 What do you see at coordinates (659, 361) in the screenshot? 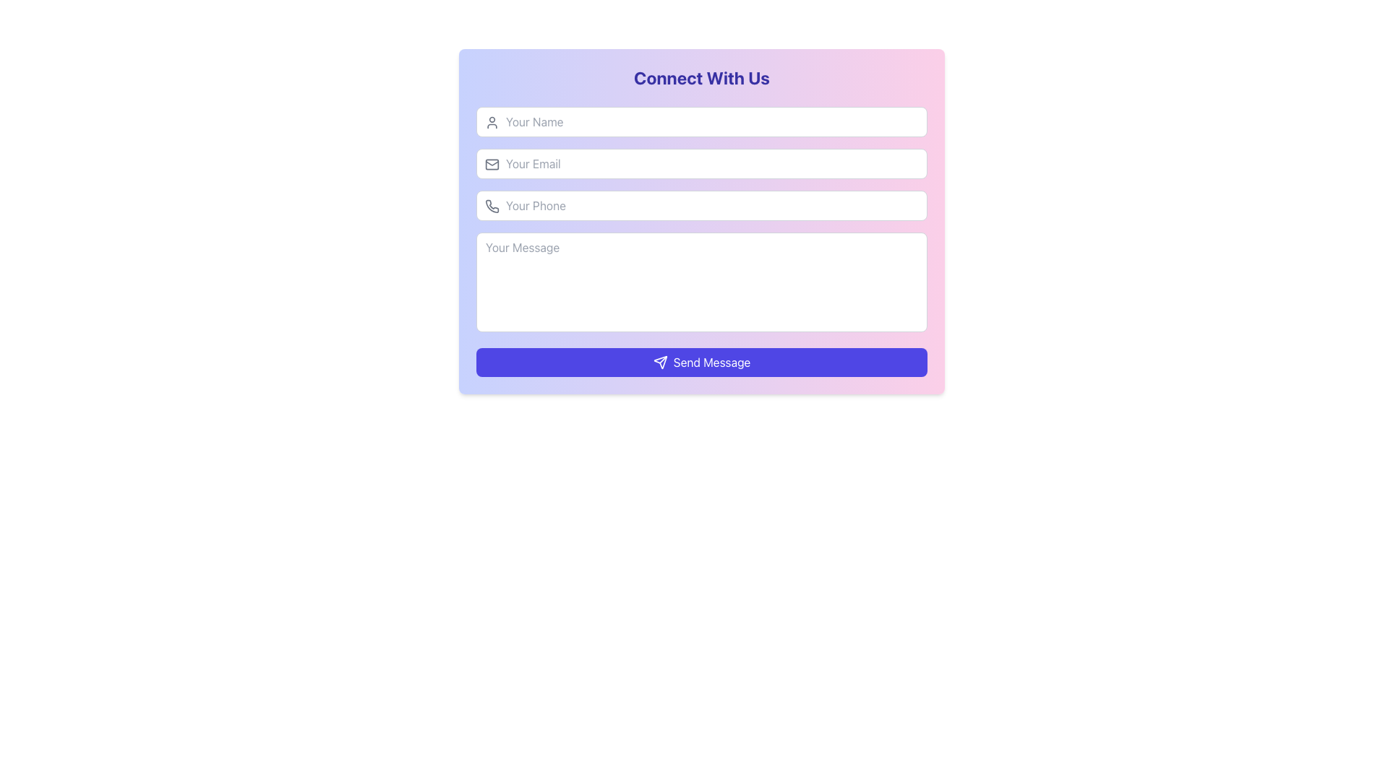
I see `the decorative icon representing the action of sending, located next to the 'Send Message' button at the bottom of the form` at bounding box center [659, 361].